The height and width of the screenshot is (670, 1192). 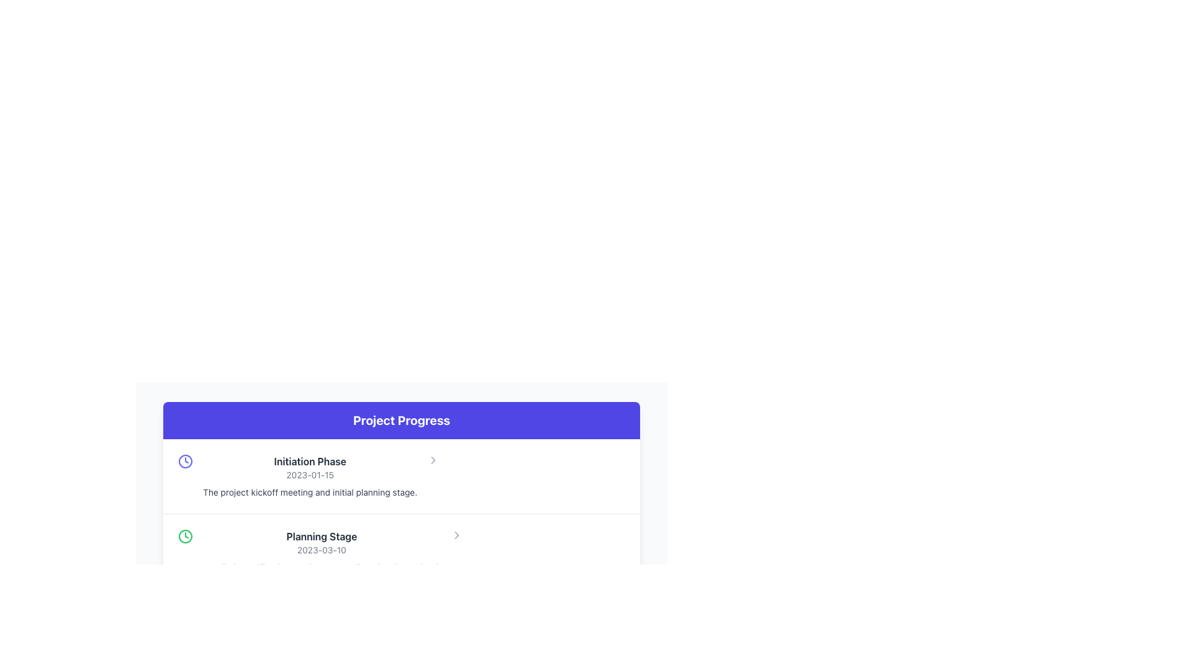 I want to click on the first icon in the 'Planning Stage' section that represents time or scheduling, so click(x=184, y=535).